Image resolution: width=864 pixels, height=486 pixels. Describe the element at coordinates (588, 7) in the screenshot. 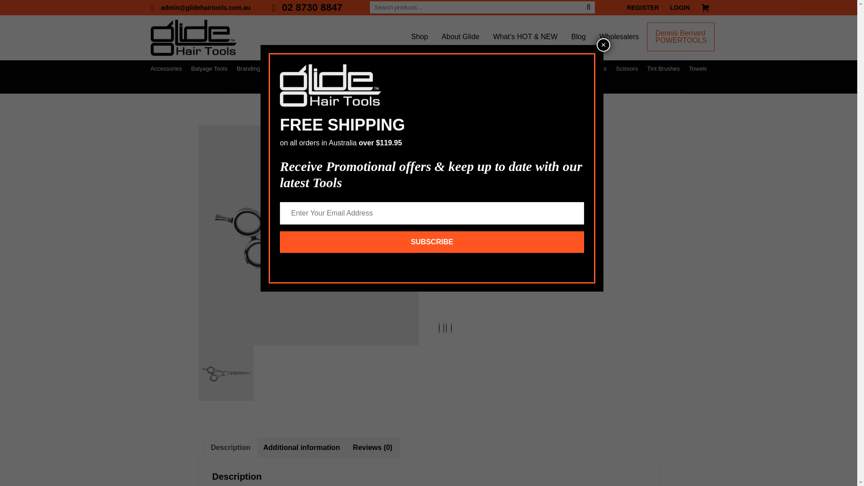

I see `'Search'` at that location.